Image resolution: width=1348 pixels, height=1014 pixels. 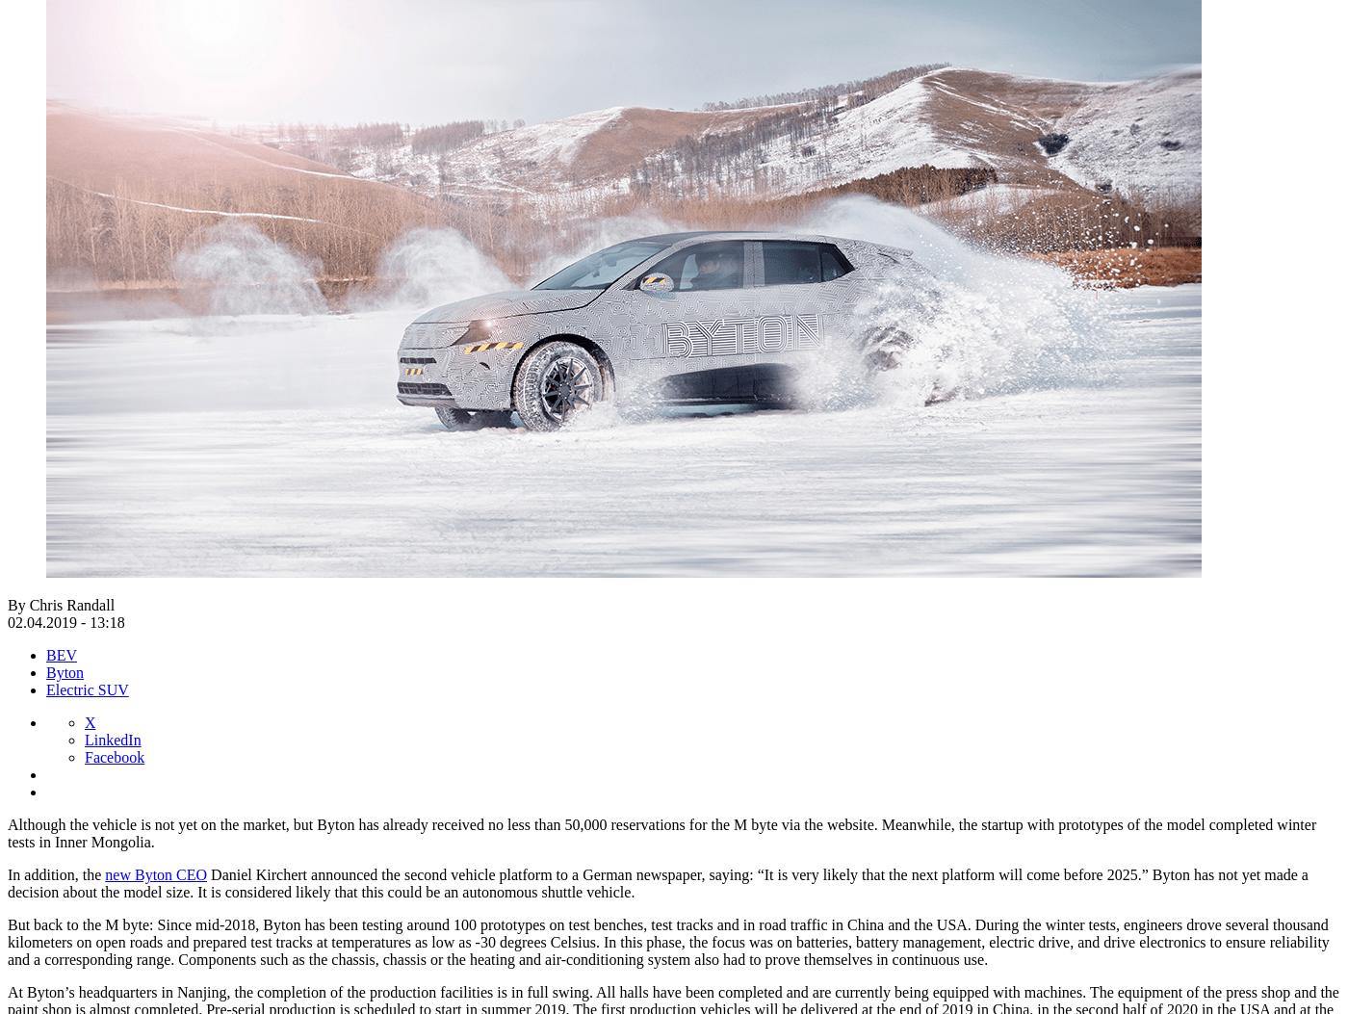 What do you see at coordinates (155, 873) in the screenshot?
I see `'new Byton CEO'` at bounding box center [155, 873].